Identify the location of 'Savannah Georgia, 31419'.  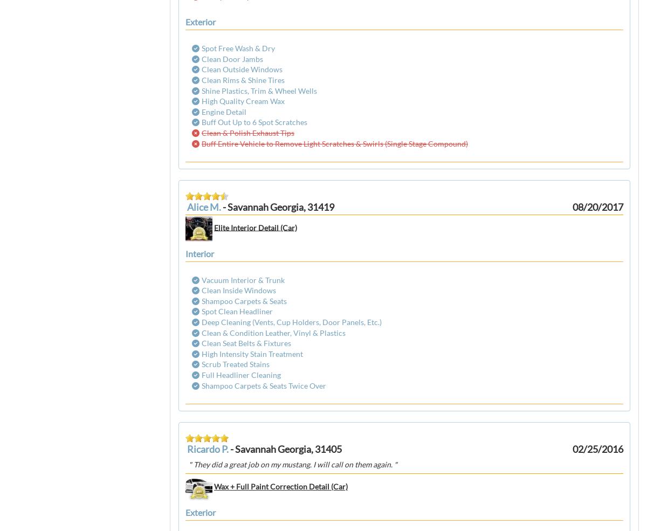
(280, 206).